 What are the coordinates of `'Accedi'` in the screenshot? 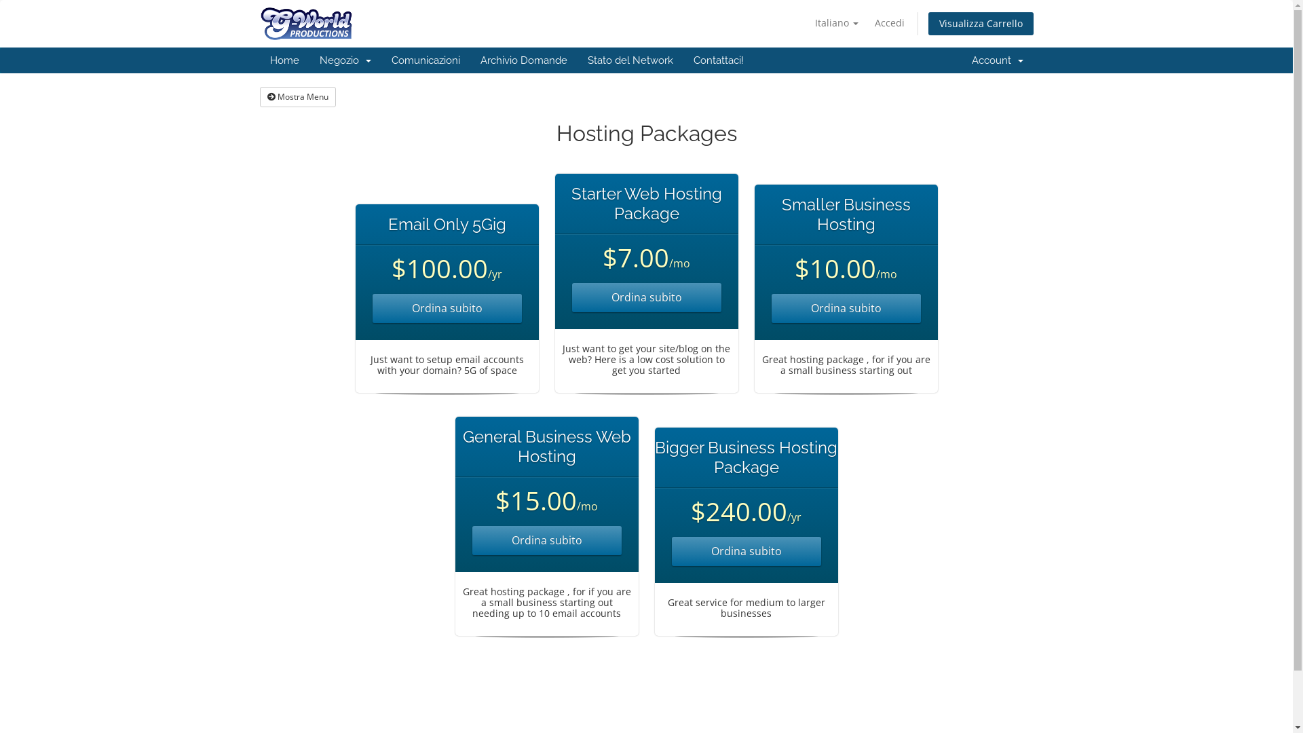 It's located at (866, 23).